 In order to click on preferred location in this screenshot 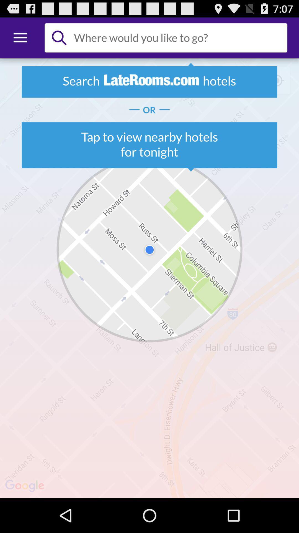, I will do `click(178, 37)`.